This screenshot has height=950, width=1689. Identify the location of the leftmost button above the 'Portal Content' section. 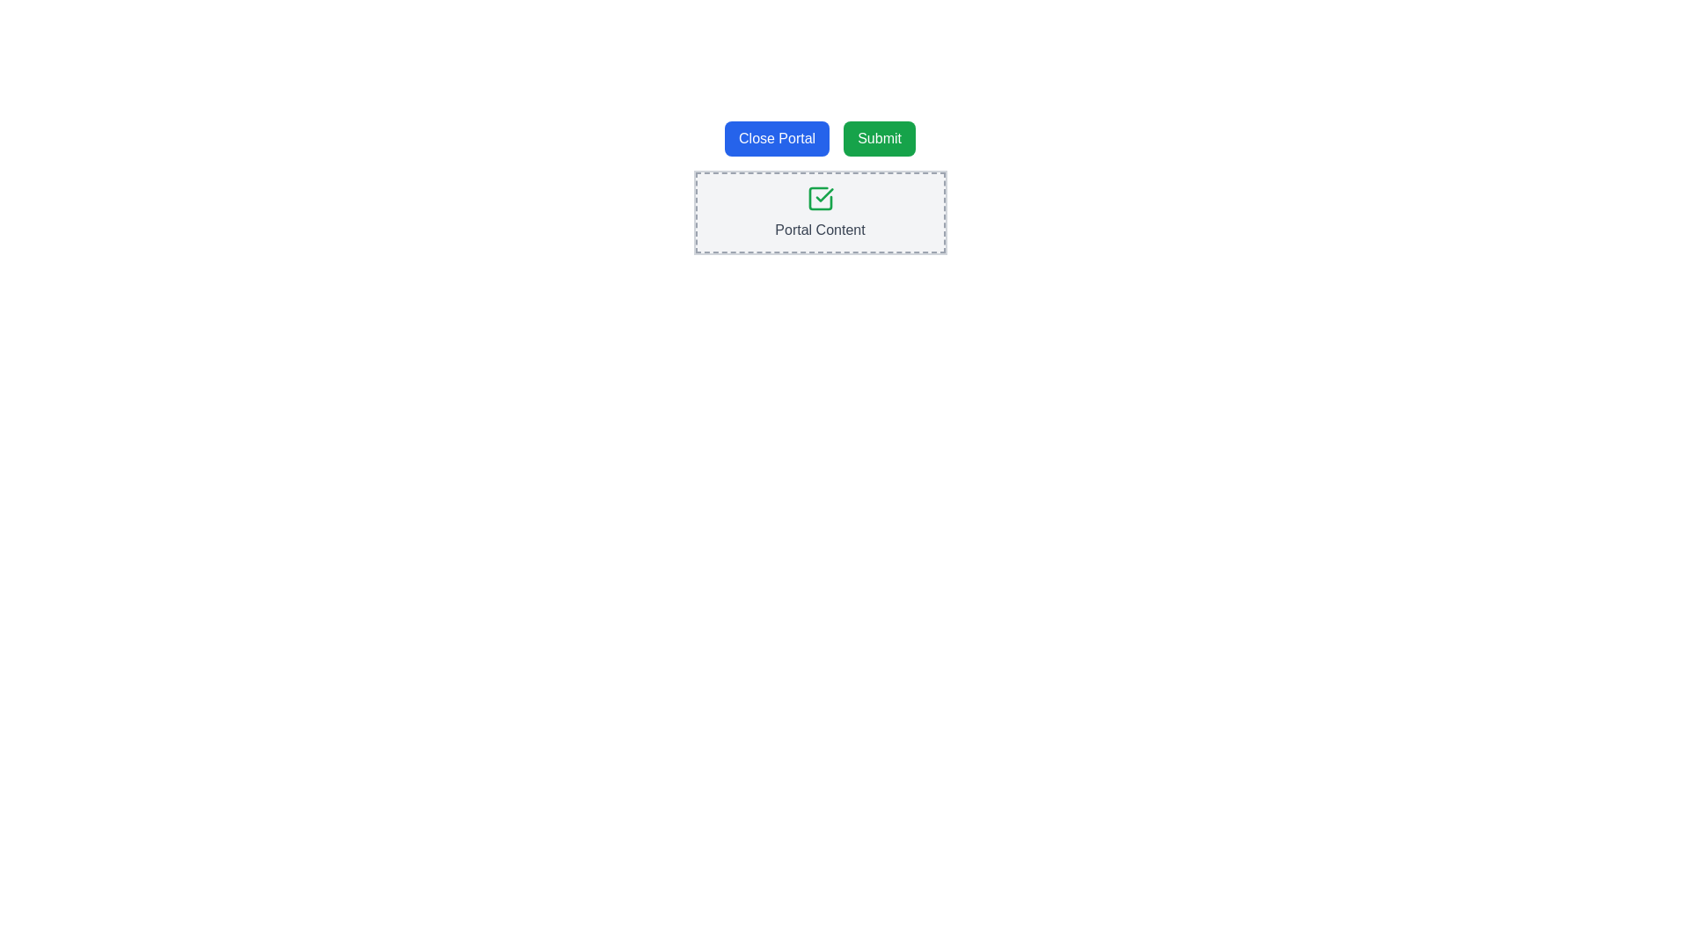
(776, 138).